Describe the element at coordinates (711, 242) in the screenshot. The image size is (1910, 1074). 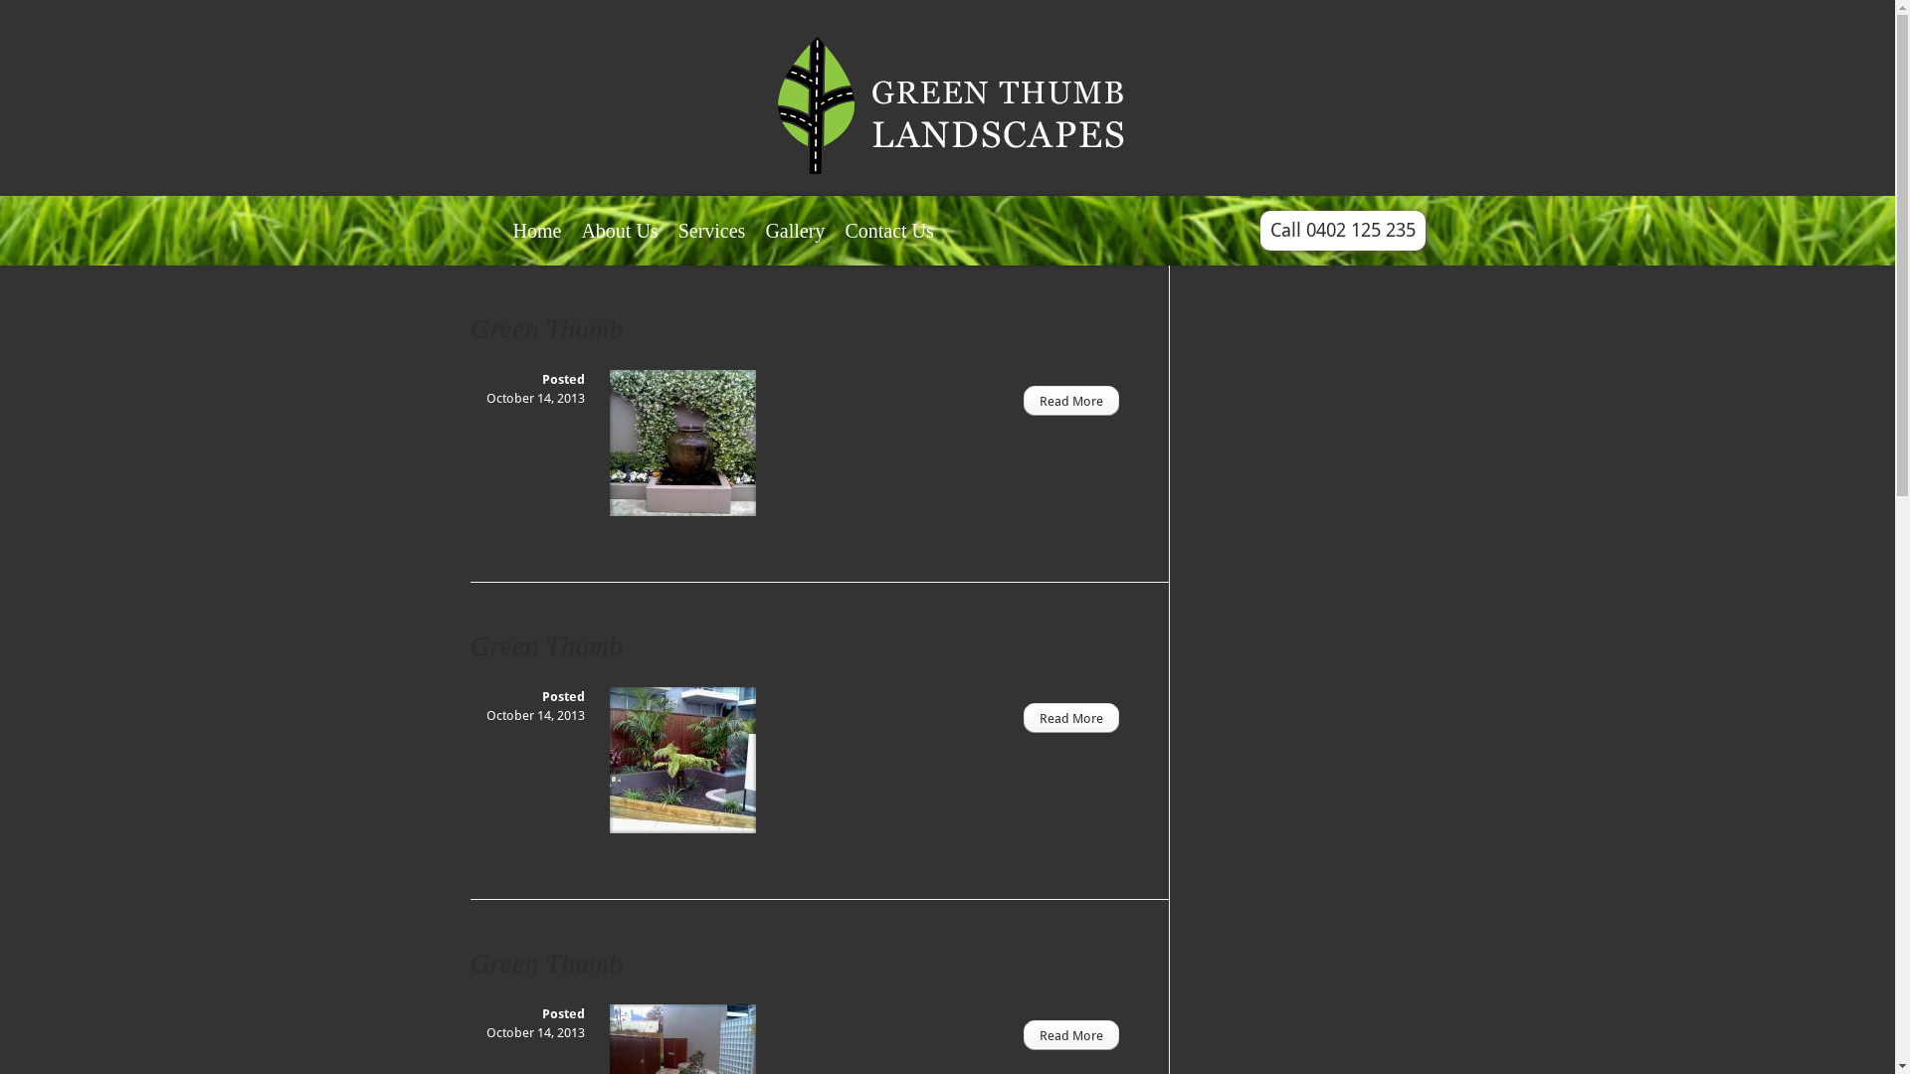
I see `'Services'` at that location.